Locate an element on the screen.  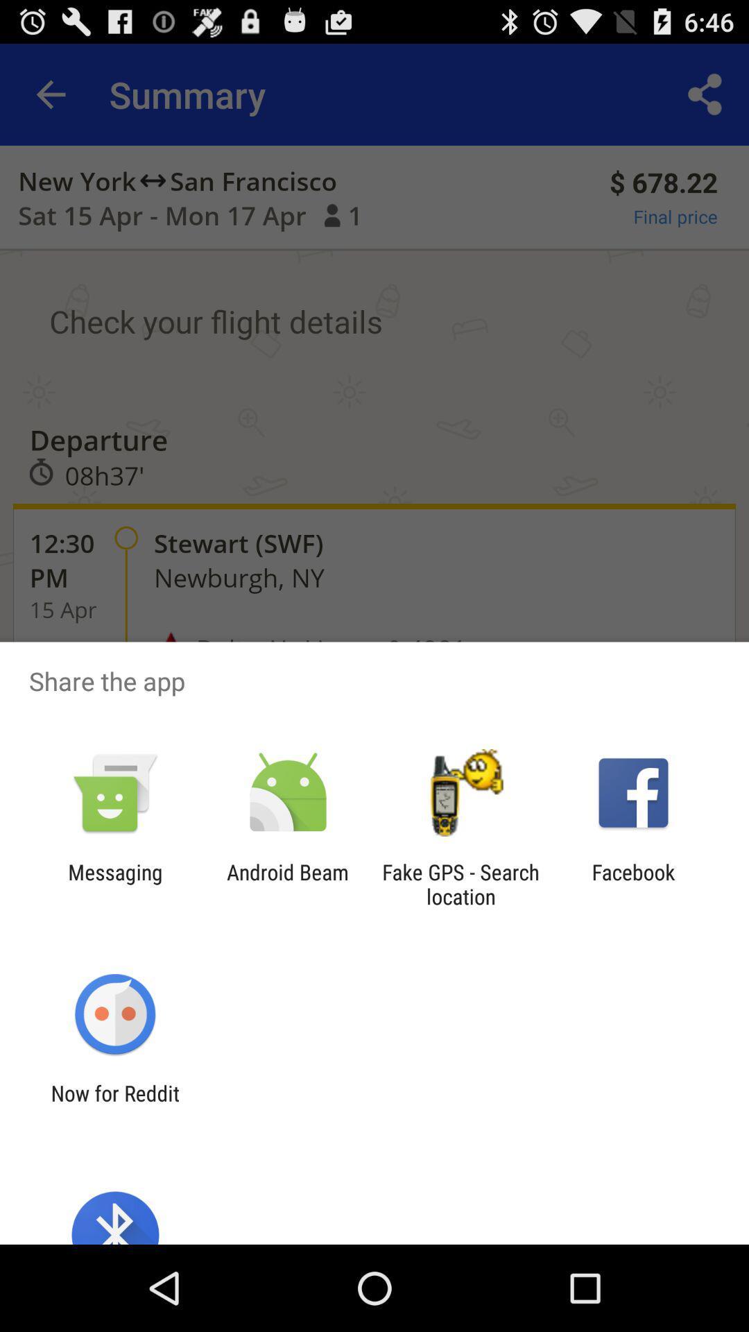
fake gps search is located at coordinates (460, 884).